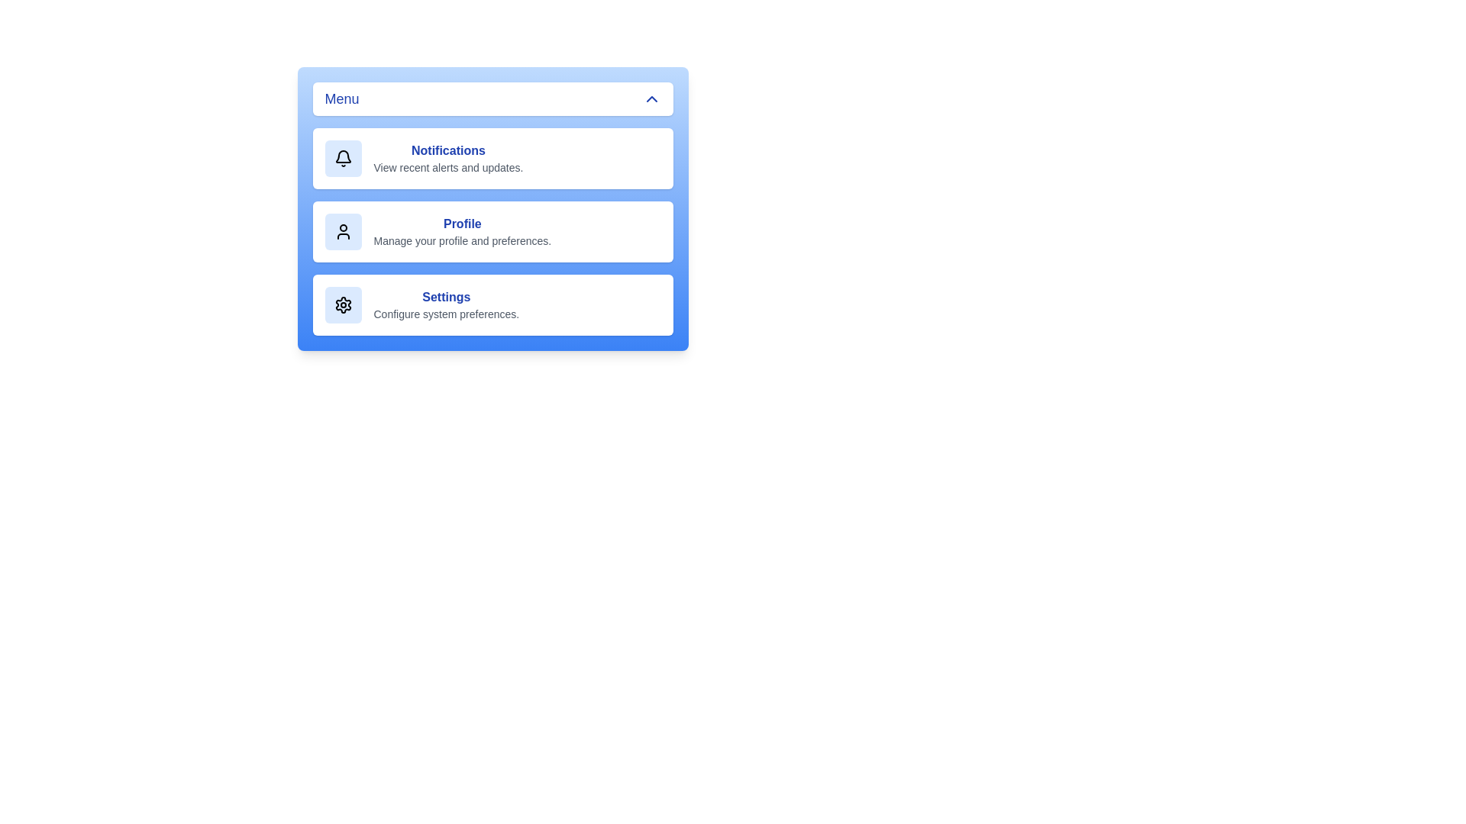 This screenshot has height=824, width=1466. What do you see at coordinates (342, 232) in the screenshot?
I see `the icon corresponding to Profile in the menu` at bounding box center [342, 232].